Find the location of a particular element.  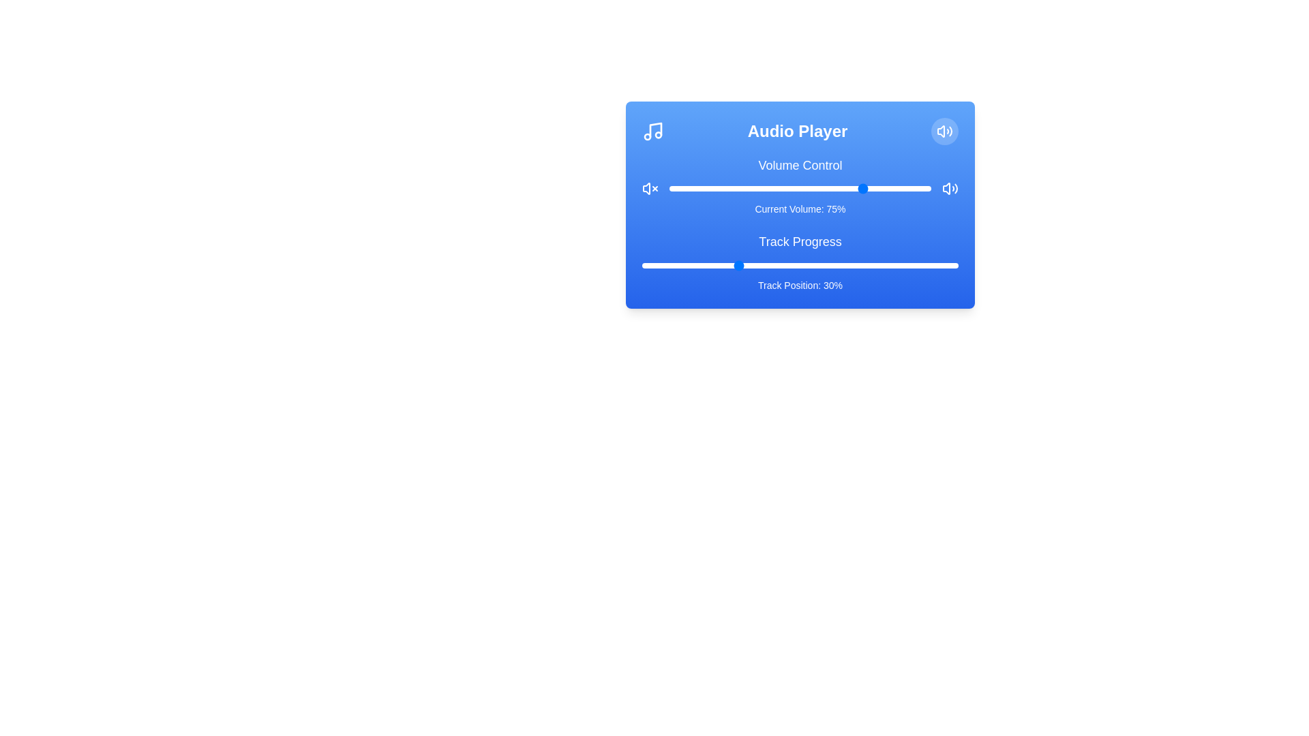

the musical notes icon located in the top-left section of the audio player's header, which is styled in white against a transparent background is located at coordinates (652, 131).